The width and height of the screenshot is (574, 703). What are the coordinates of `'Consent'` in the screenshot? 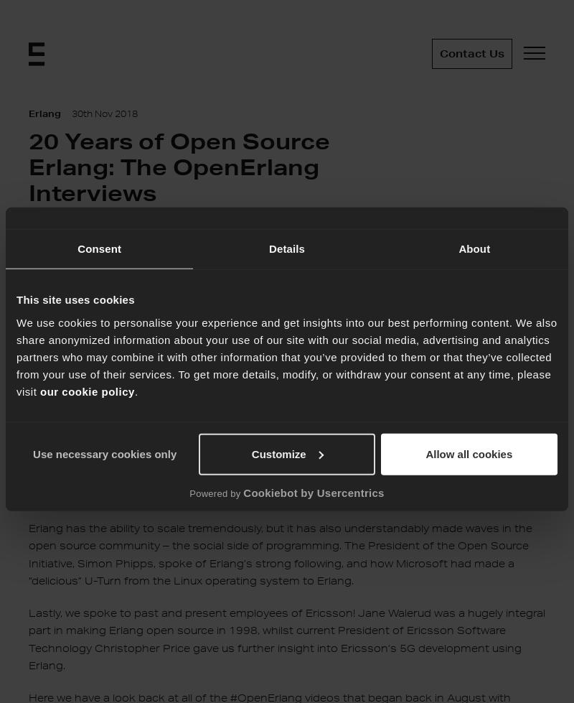 It's located at (99, 248).